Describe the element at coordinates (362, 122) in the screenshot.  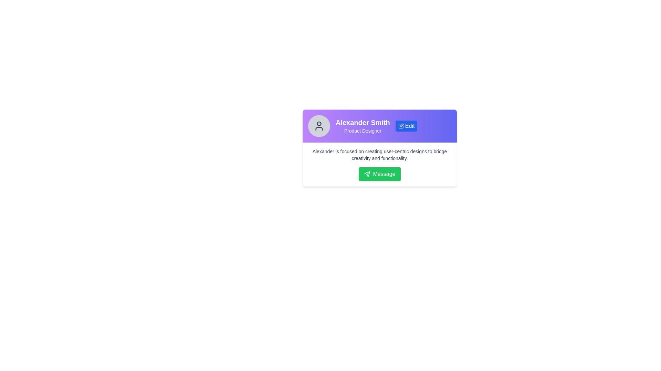
I see `the text display element showing 'Alexander Smith', which is styled as a heading with a light purple background and positioned above 'Product Designer'` at that location.